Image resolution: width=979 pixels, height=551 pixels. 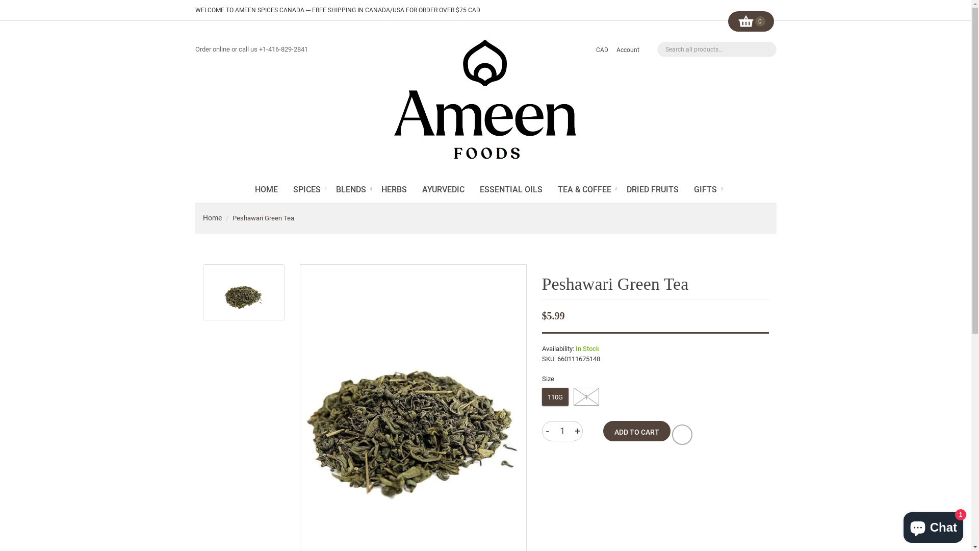 What do you see at coordinates (443, 189) in the screenshot?
I see `'AYURVEDIC'` at bounding box center [443, 189].